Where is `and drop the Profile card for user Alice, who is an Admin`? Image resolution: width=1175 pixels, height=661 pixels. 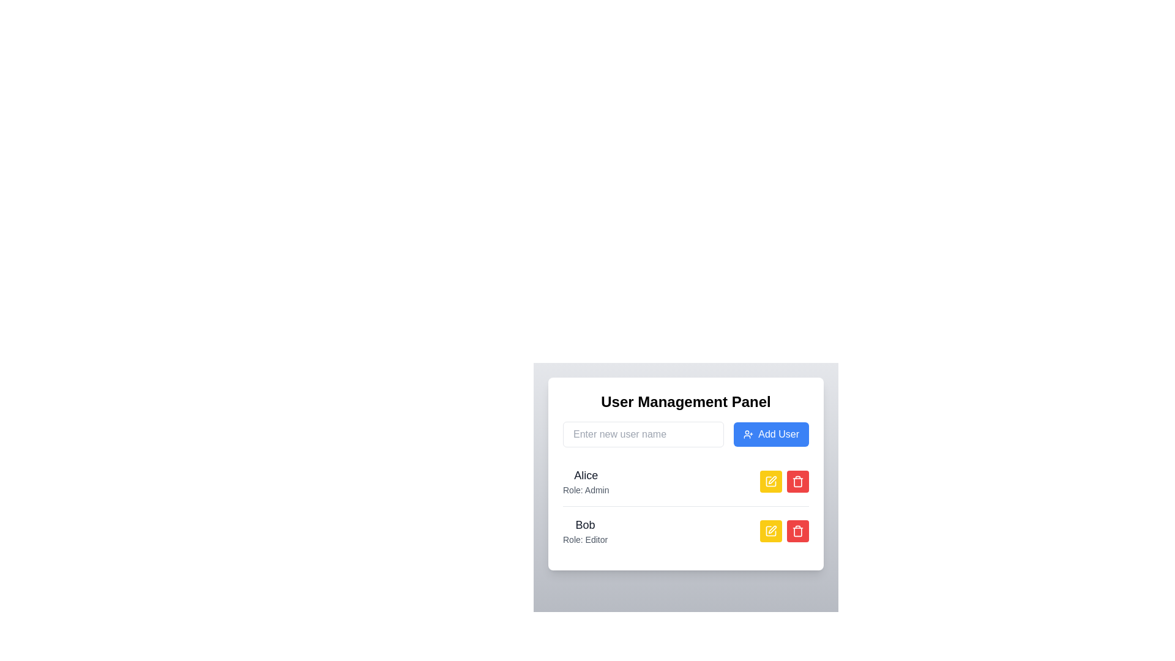
and drop the Profile card for user Alice, who is an Admin is located at coordinates (686, 473).